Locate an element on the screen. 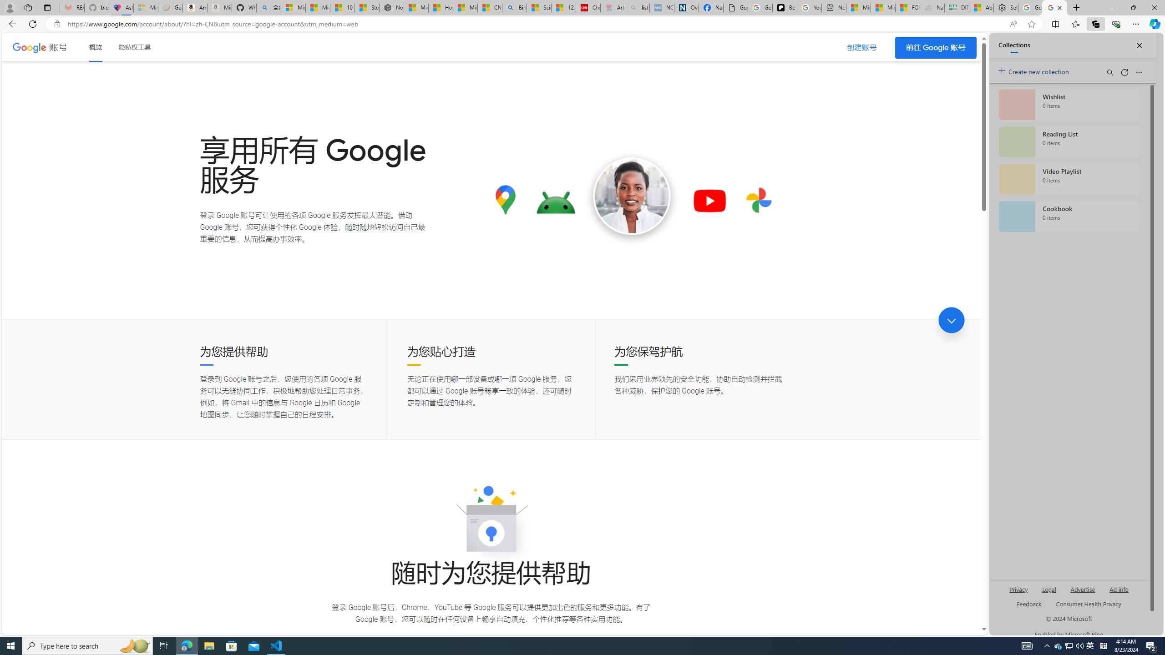 The image size is (1165, 655). 'Stocks - MSN' is located at coordinates (367, 7).